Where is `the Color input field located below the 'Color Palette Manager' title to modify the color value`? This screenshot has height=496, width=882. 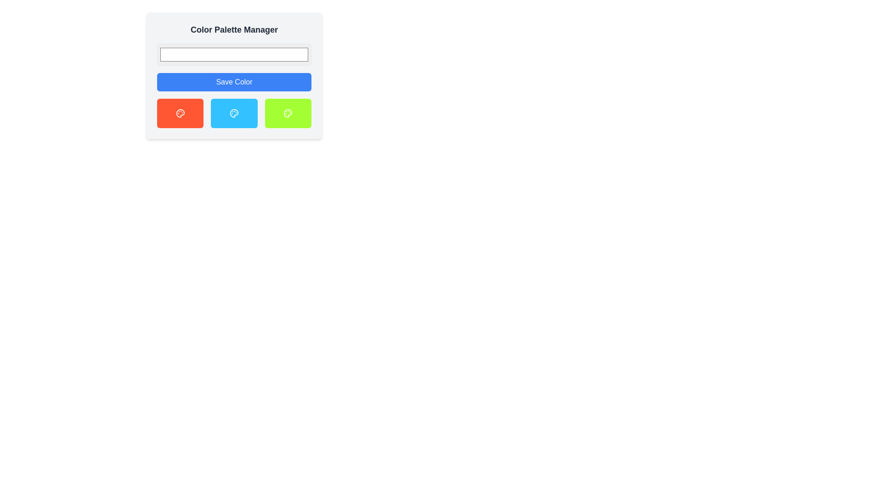
the Color input field located below the 'Color Palette Manager' title to modify the color value is located at coordinates (234, 55).